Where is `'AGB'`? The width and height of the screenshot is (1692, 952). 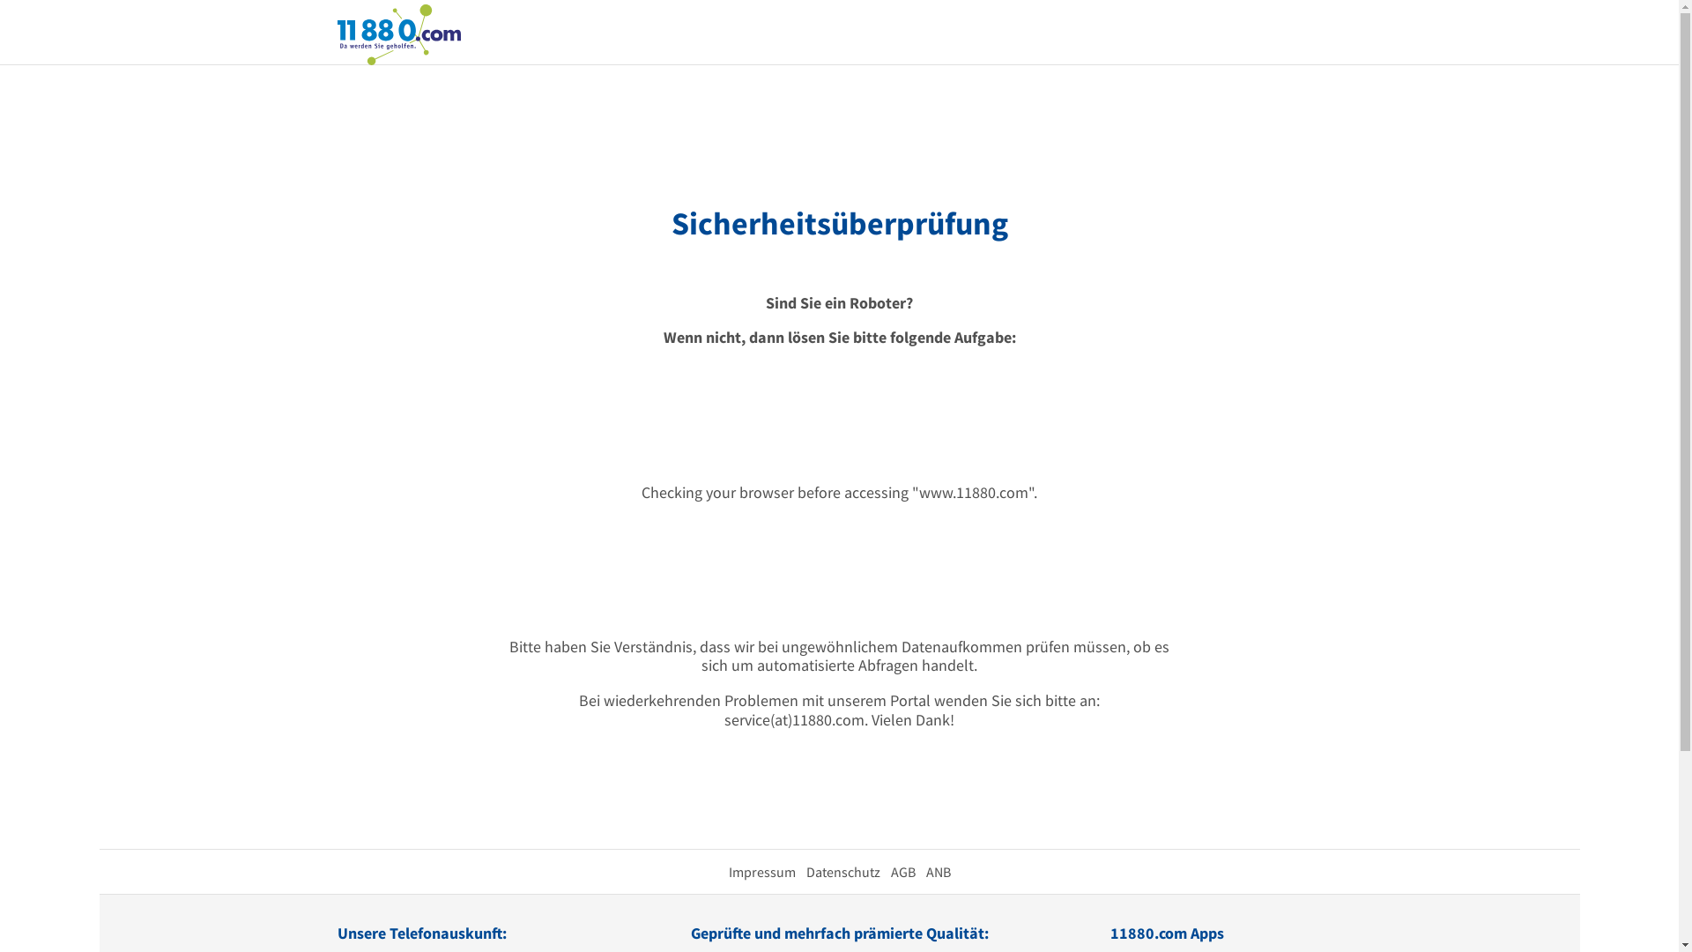 'AGB' is located at coordinates (902, 870).